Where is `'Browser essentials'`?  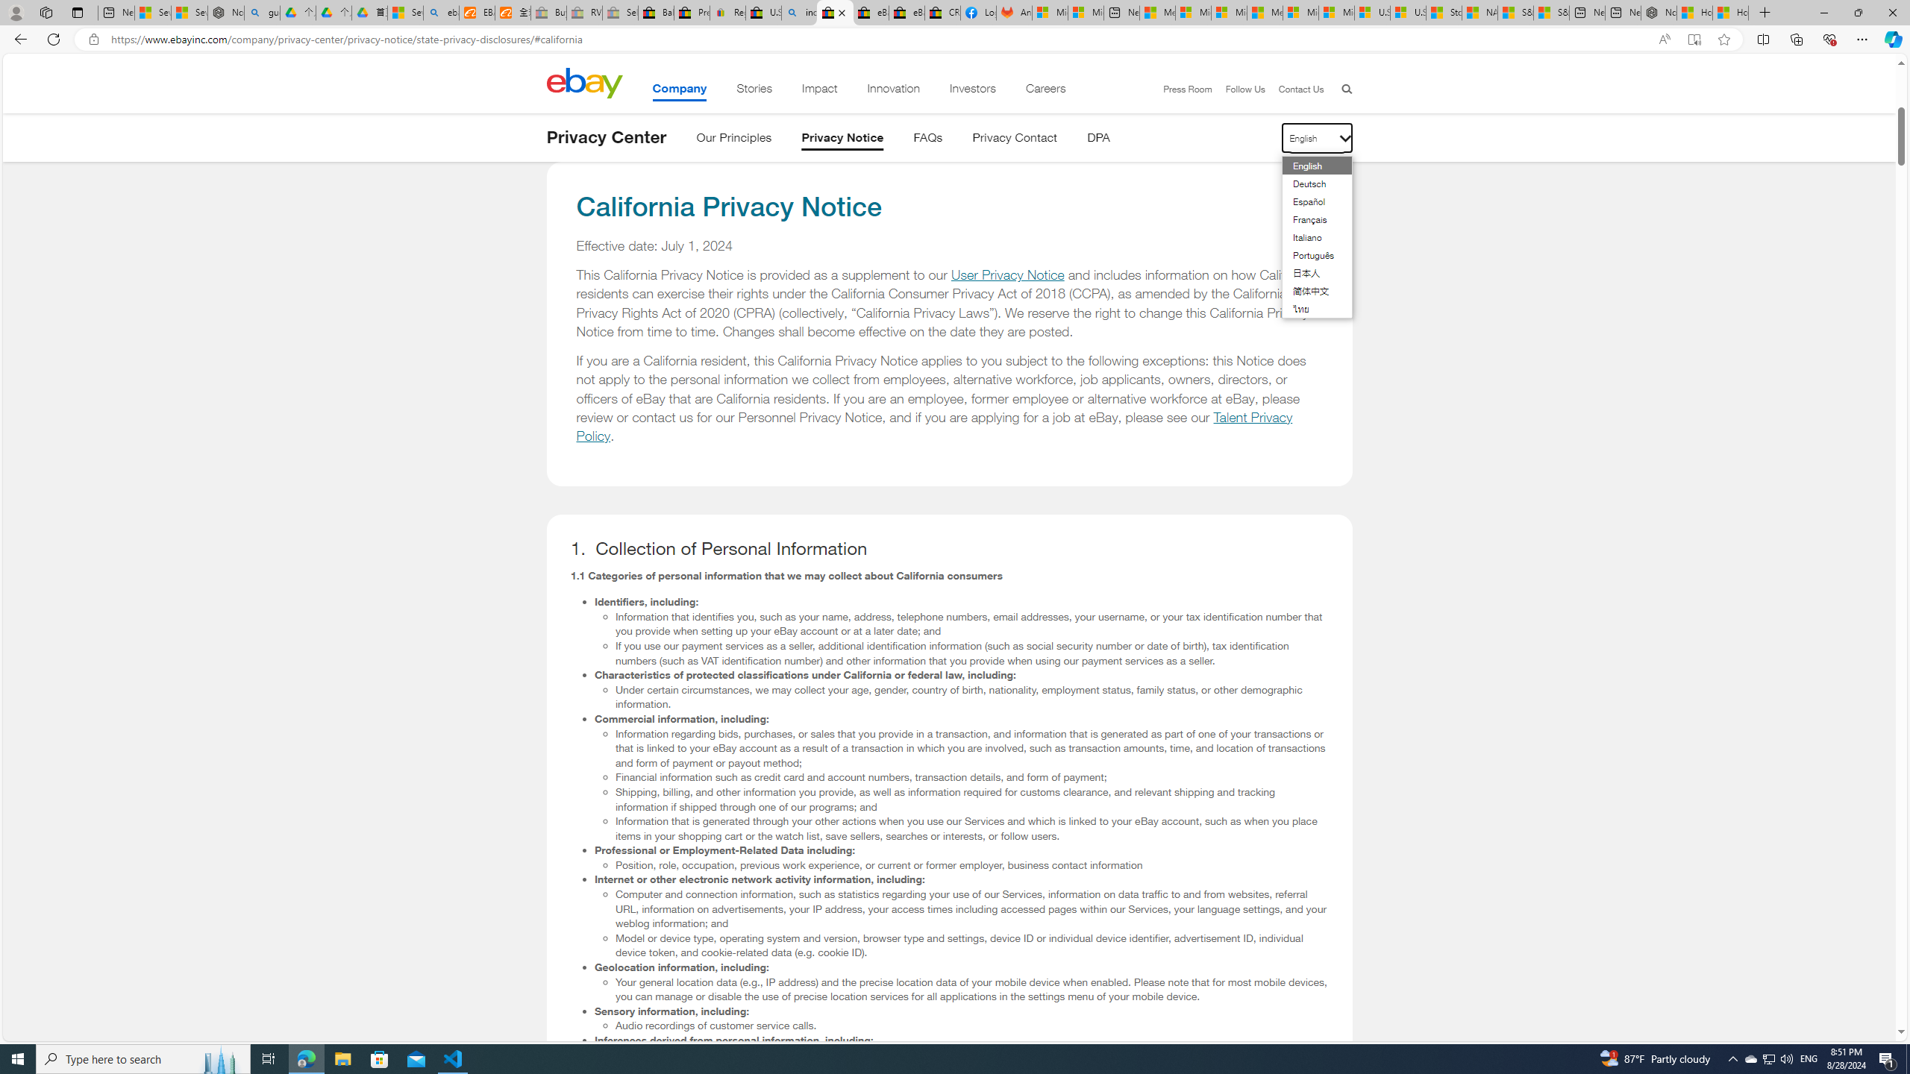 'Browser essentials' is located at coordinates (1829, 38).